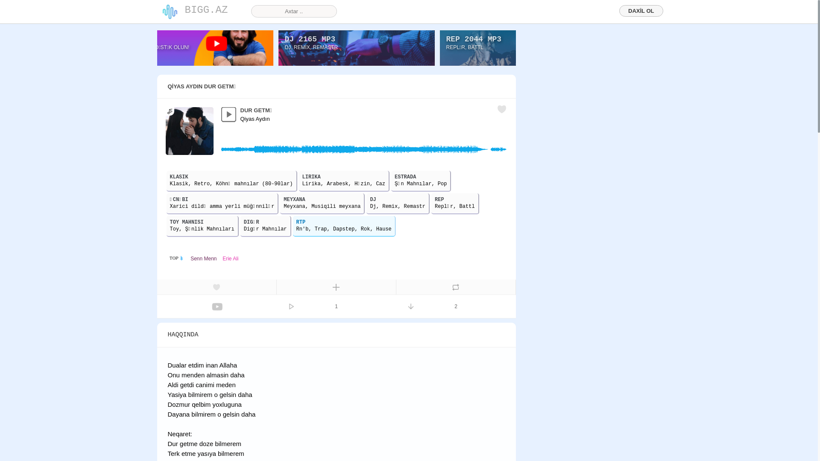  What do you see at coordinates (641, 11) in the screenshot?
I see `'DAXIL OL'` at bounding box center [641, 11].